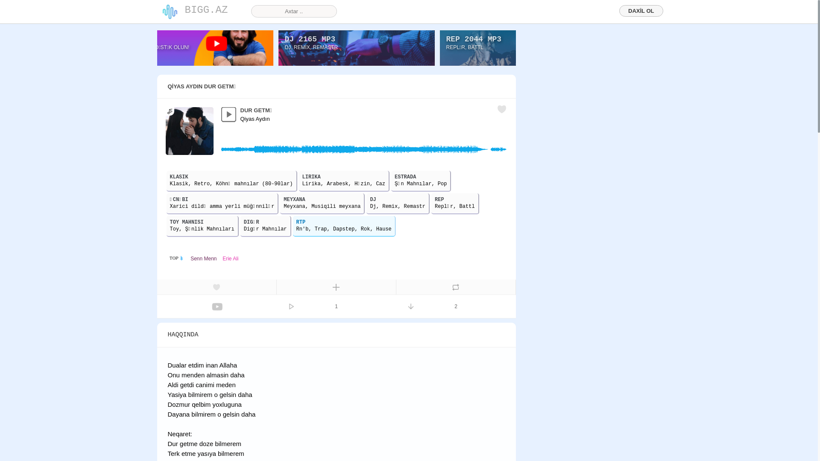  What do you see at coordinates (641, 11) in the screenshot?
I see `'DAXIL OL'` at bounding box center [641, 11].